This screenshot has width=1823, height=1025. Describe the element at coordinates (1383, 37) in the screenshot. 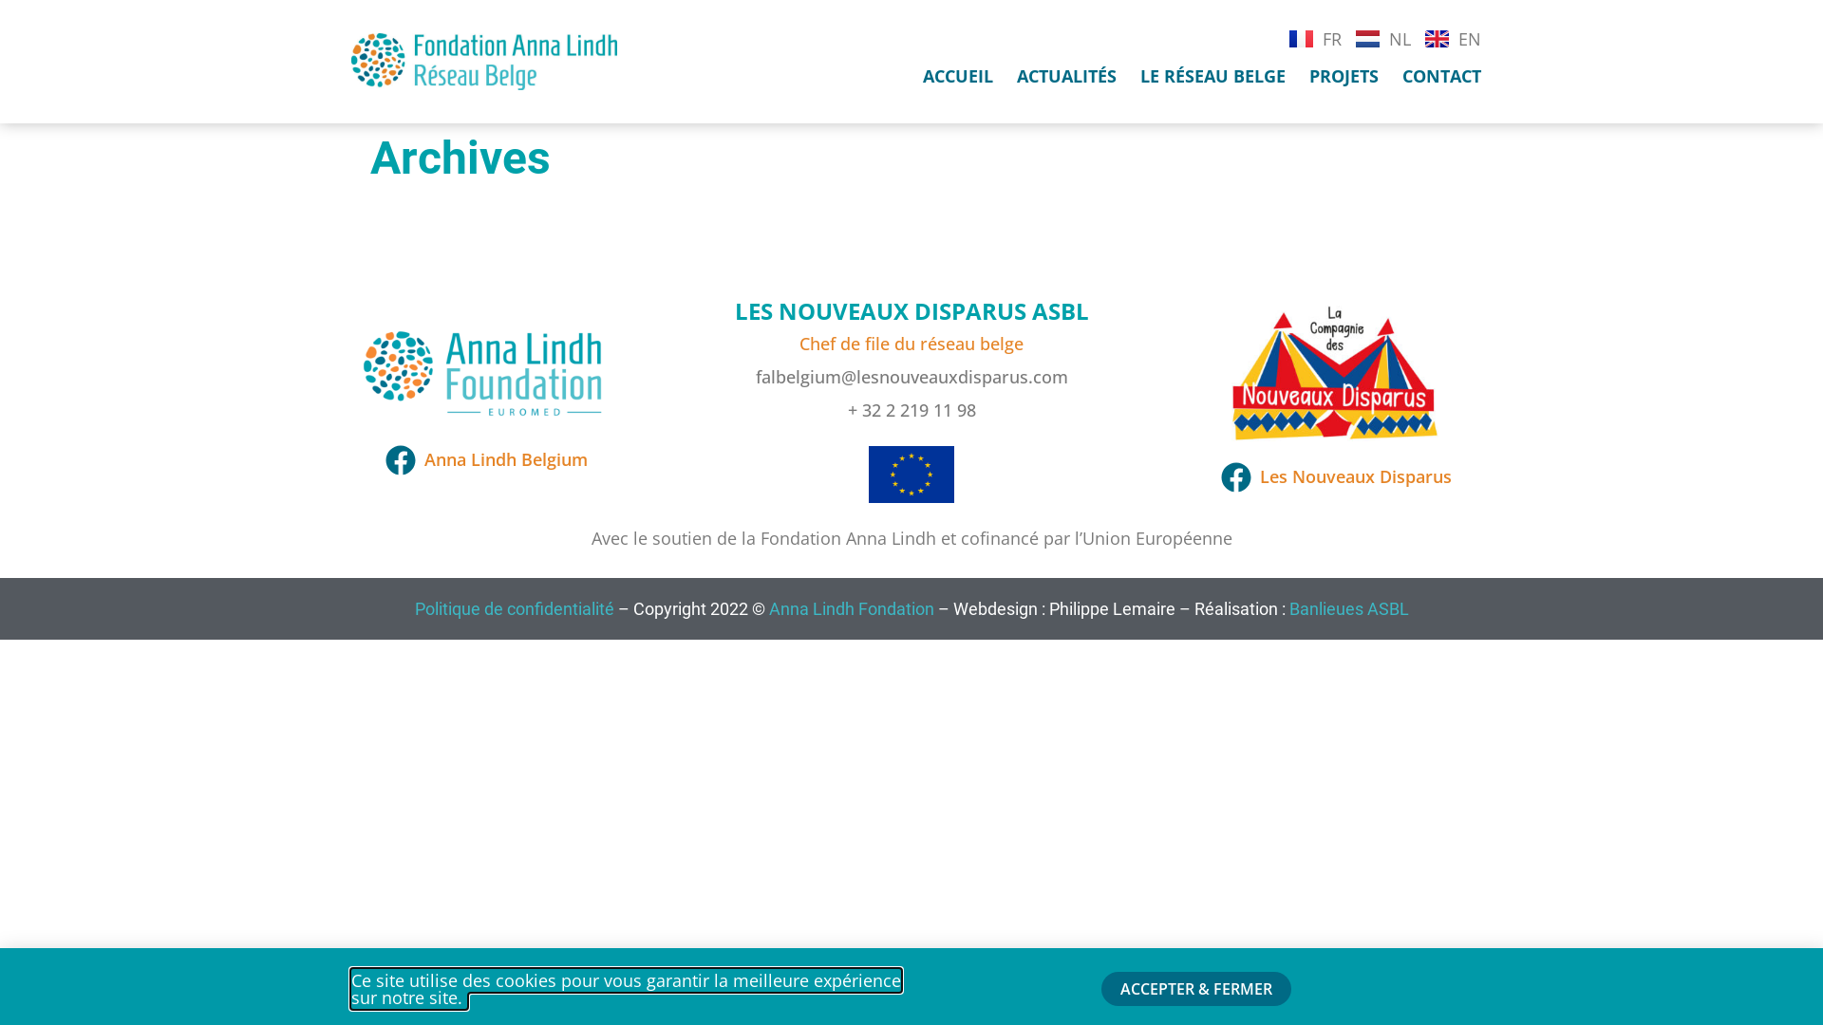

I see `'NL'` at that location.